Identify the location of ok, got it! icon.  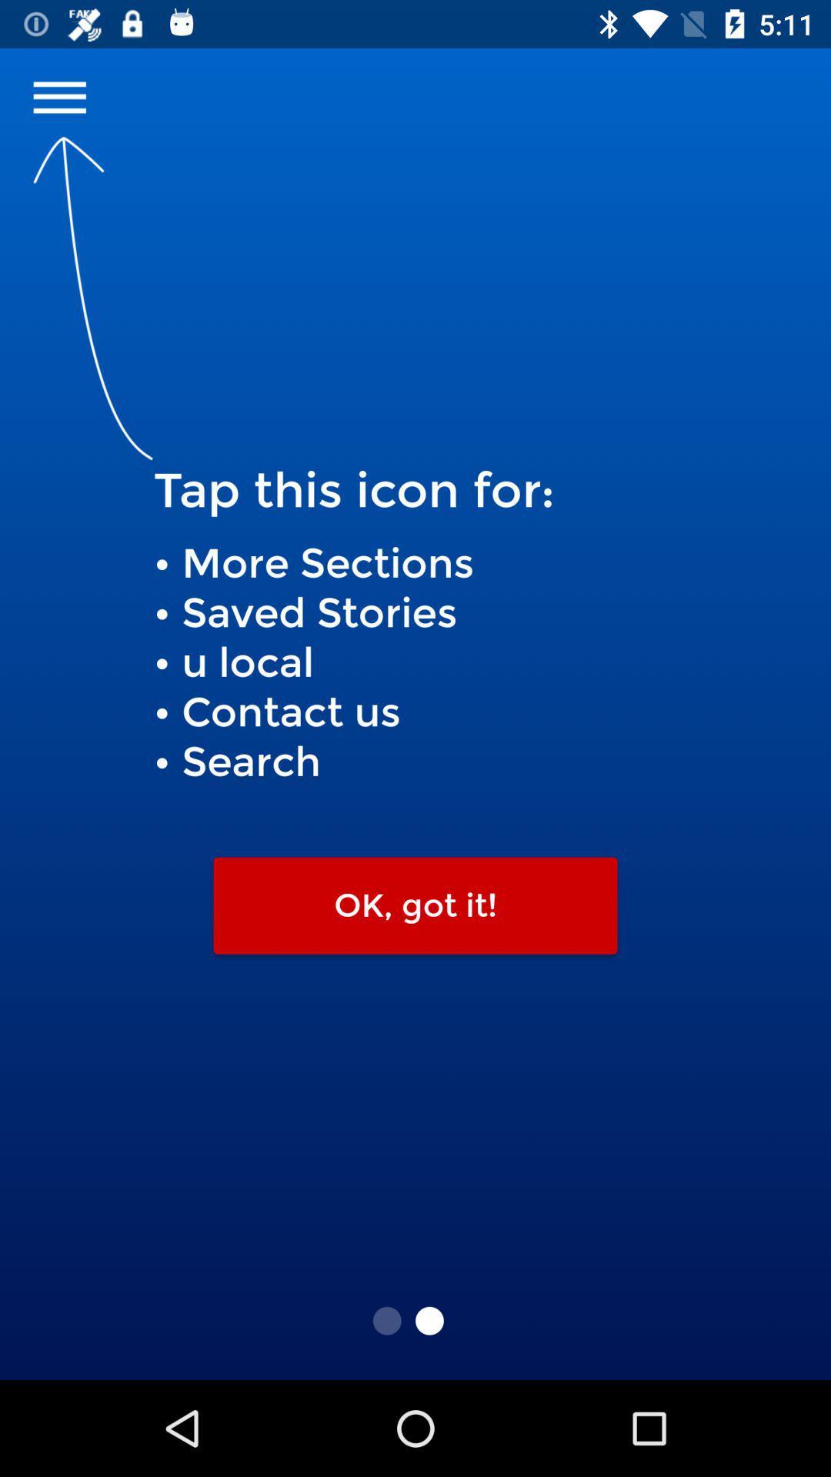
(415, 905).